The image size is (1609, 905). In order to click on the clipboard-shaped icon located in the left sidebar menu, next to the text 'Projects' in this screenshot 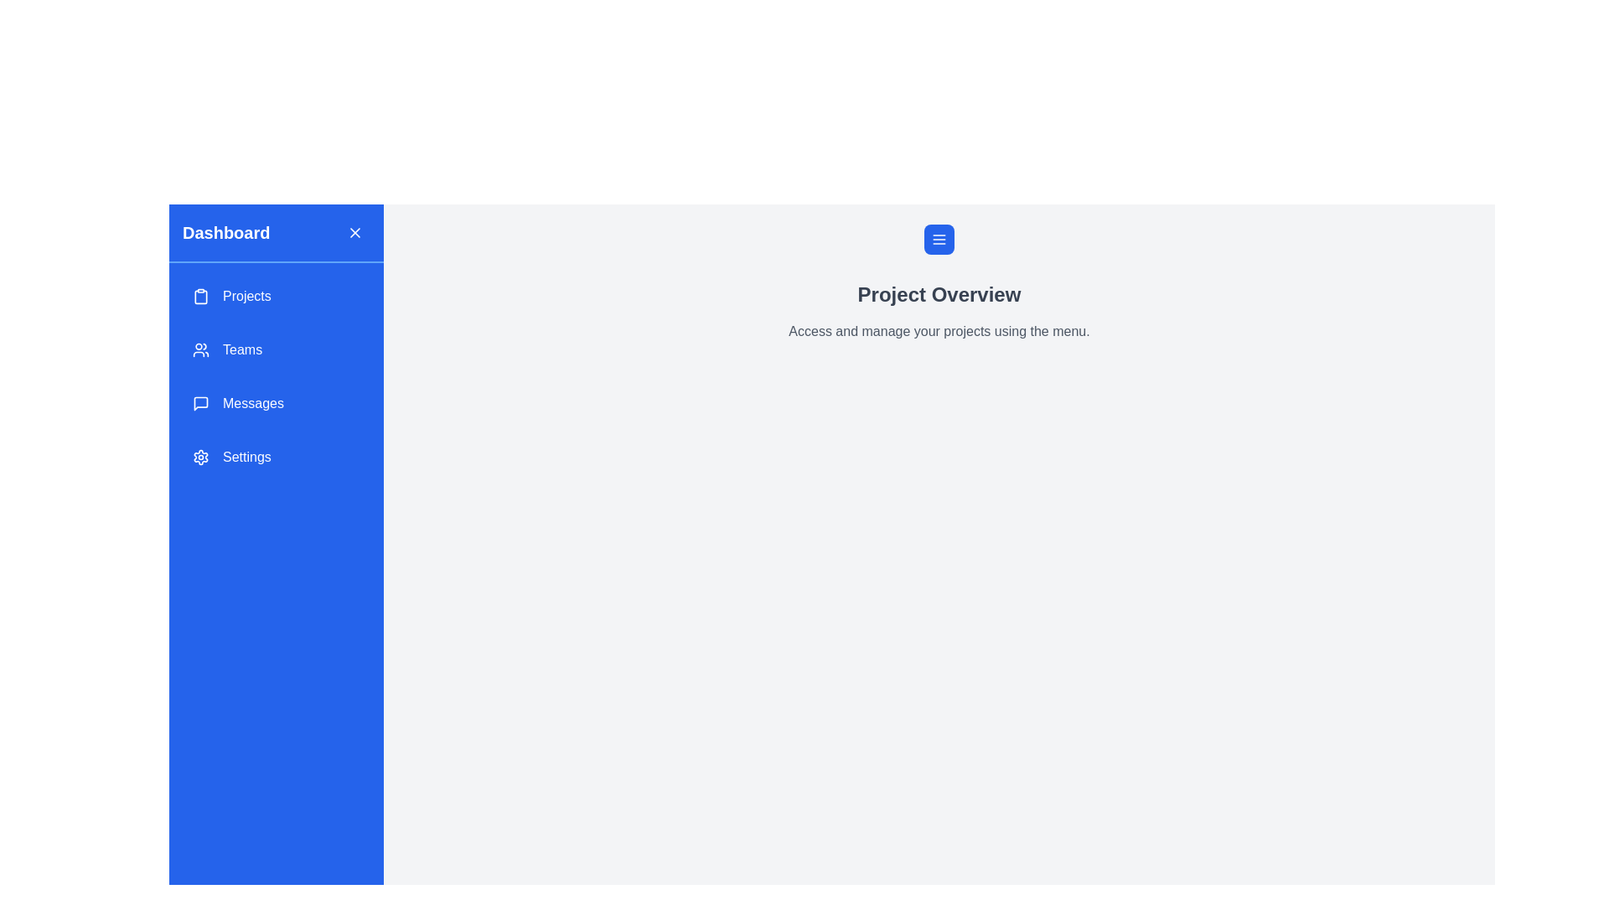, I will do `click(201, 296)`.